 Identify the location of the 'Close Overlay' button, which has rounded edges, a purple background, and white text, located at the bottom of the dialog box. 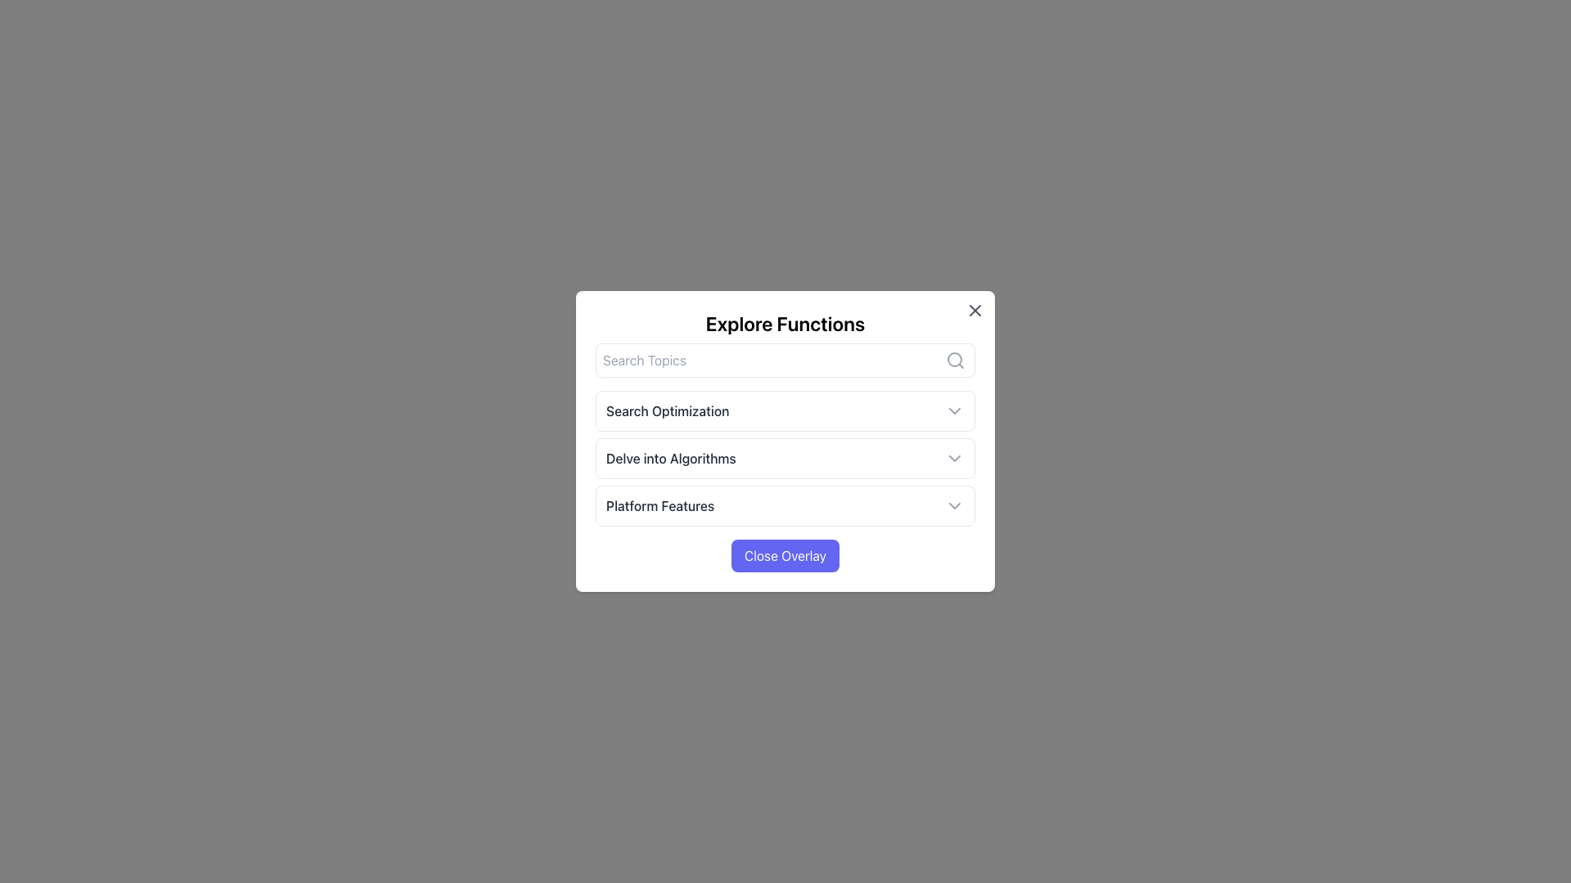
(785, 554).